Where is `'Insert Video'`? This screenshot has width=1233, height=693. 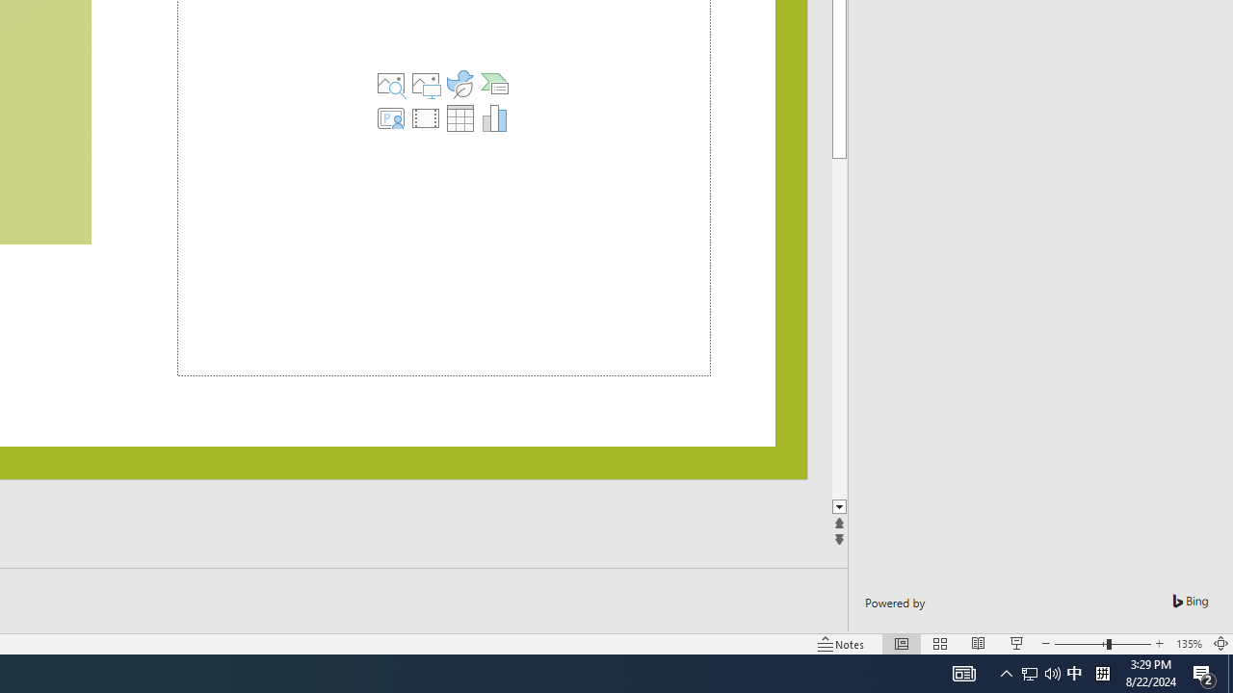 'Insert Video' is located at coordinates (425, 118).